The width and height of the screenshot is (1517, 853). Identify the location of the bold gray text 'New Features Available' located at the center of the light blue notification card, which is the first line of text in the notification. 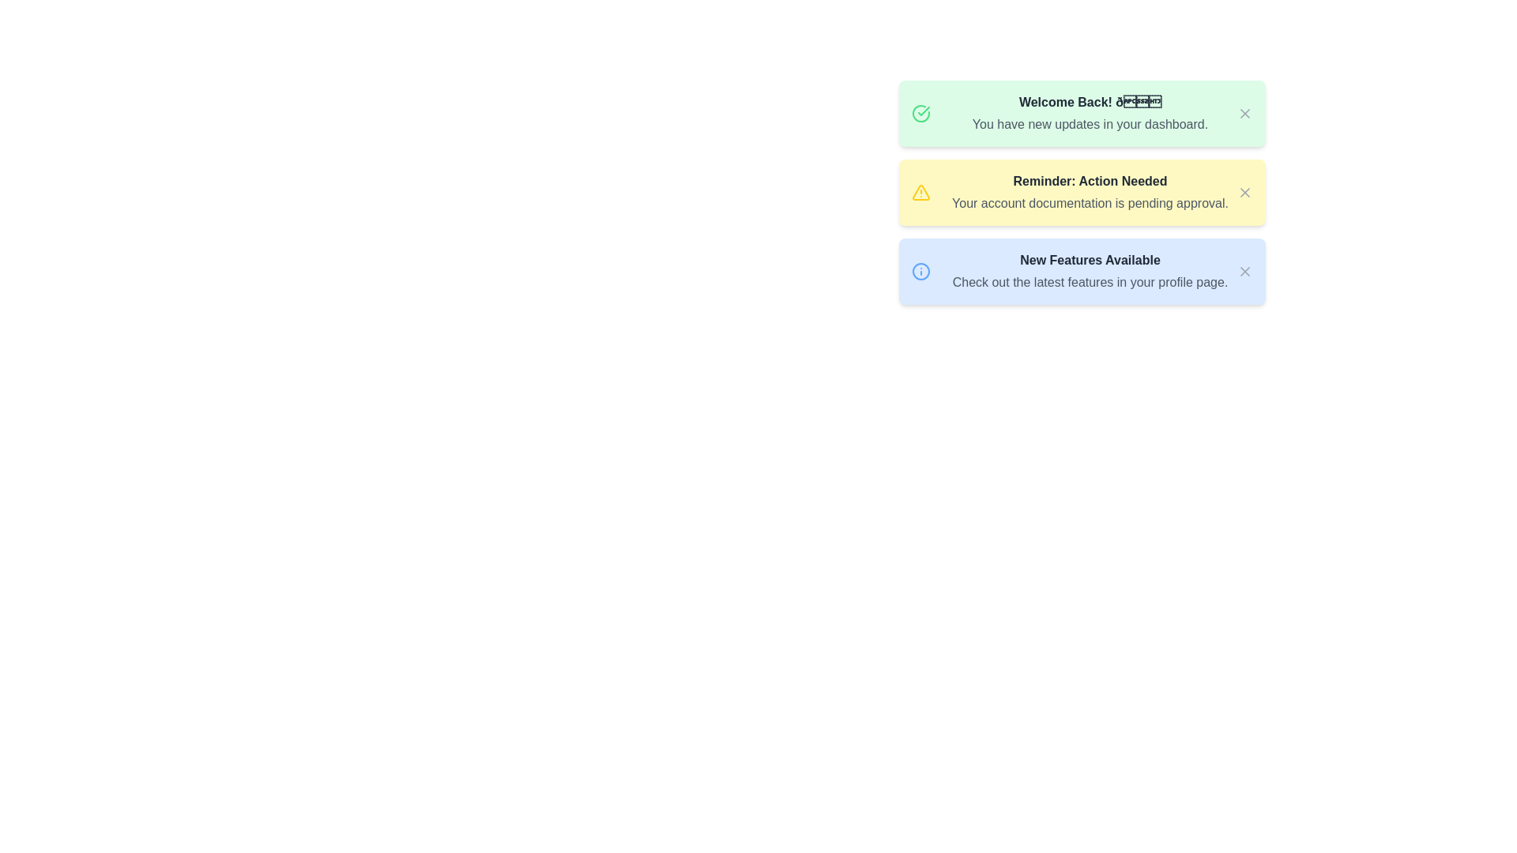
(1090, 260).